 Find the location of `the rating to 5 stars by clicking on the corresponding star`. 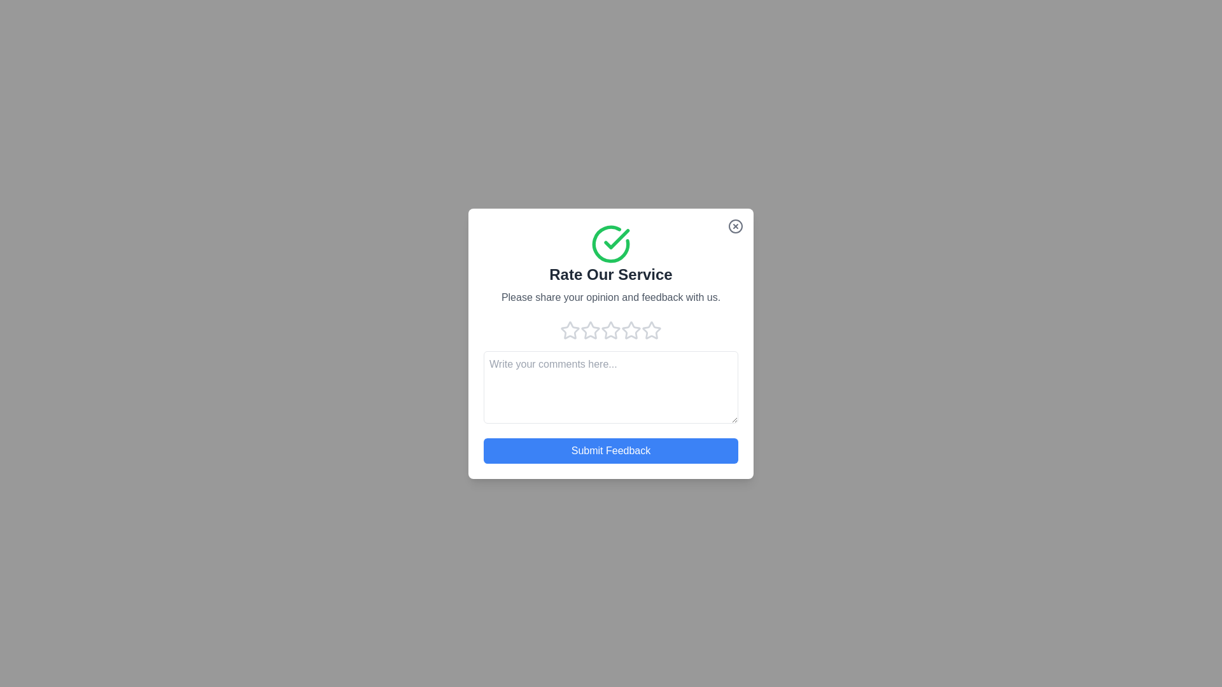

the rating to 5 stars by clicking on the corresponding star is located at coordinates (651, 330).